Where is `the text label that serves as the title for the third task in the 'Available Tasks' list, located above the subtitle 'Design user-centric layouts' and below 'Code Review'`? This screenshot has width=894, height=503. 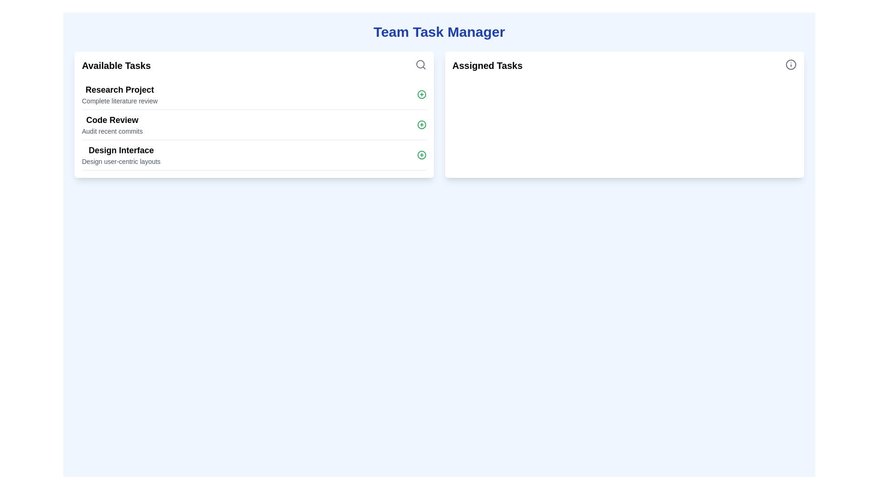
the text label that serves as the title for the third task in the 'Available Tasks' list, located above the subtitle 'Design user-centric layouts' and below 'Code Review' is located at coordinates (121, 150).